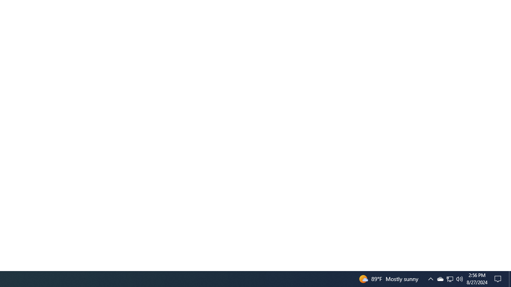  What do you see at coordinates (499, 278) in the screenshot?
I see `'Show desktop'` at bounding box center [499, 278].